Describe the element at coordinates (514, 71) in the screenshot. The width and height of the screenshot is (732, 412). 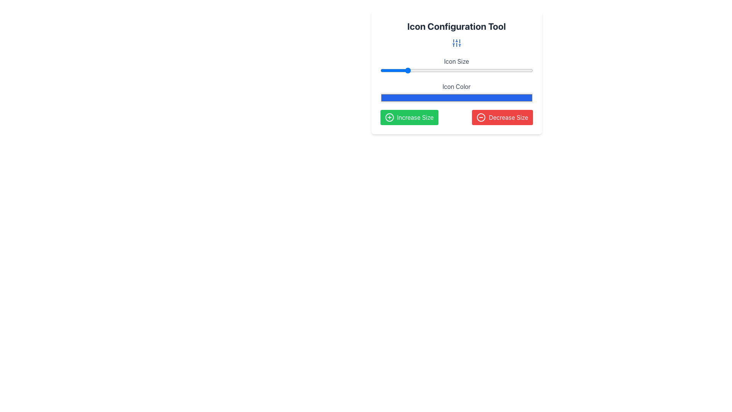
I see `icon size` at that location.